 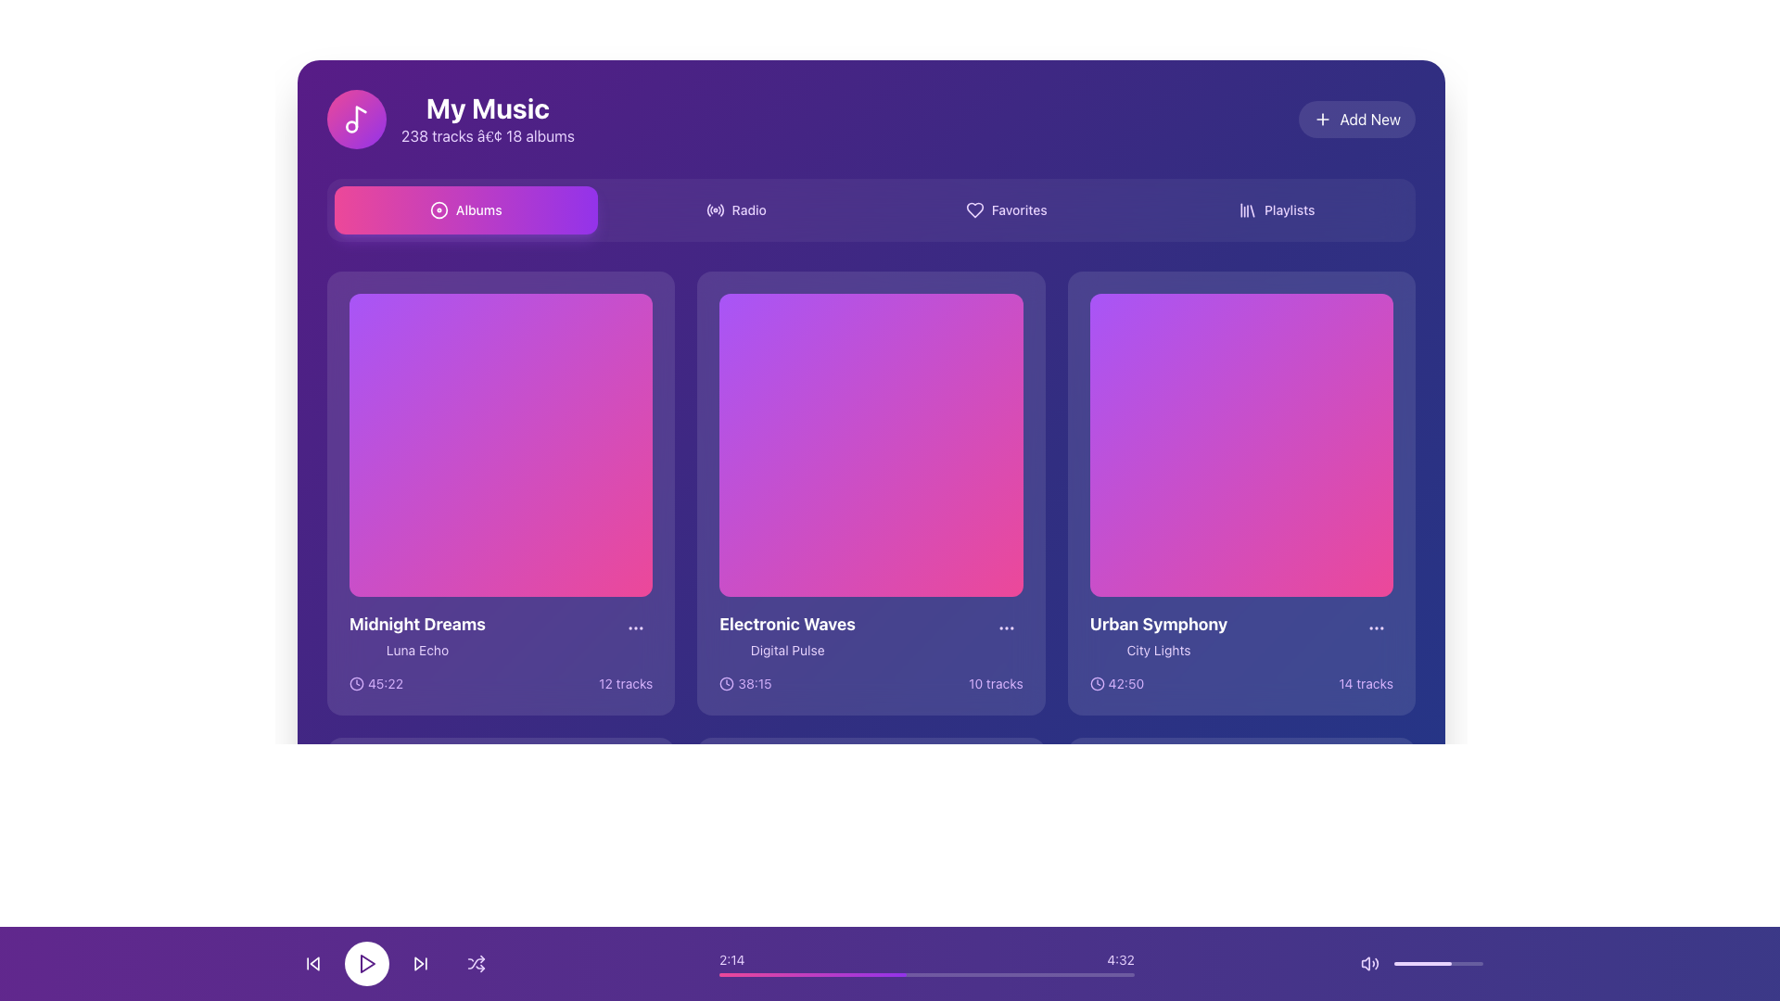 I want to click on the left-pointing triangle icon button in the bottom media control bar, so click(x=314, y=963).